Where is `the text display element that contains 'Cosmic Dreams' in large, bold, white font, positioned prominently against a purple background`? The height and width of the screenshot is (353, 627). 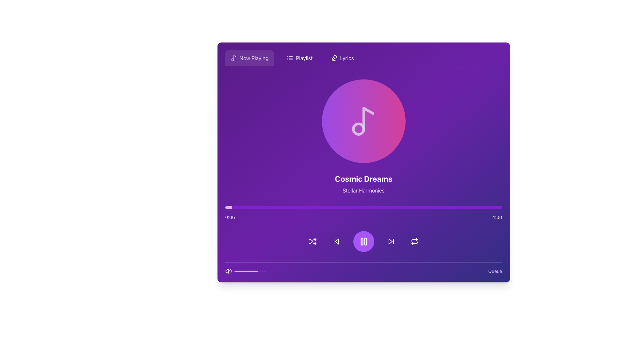
the text display element that contains 'Cosmic Dreams' in large, bold, white font, positioned prominently against a purple background is located at coordinates (363, 179).